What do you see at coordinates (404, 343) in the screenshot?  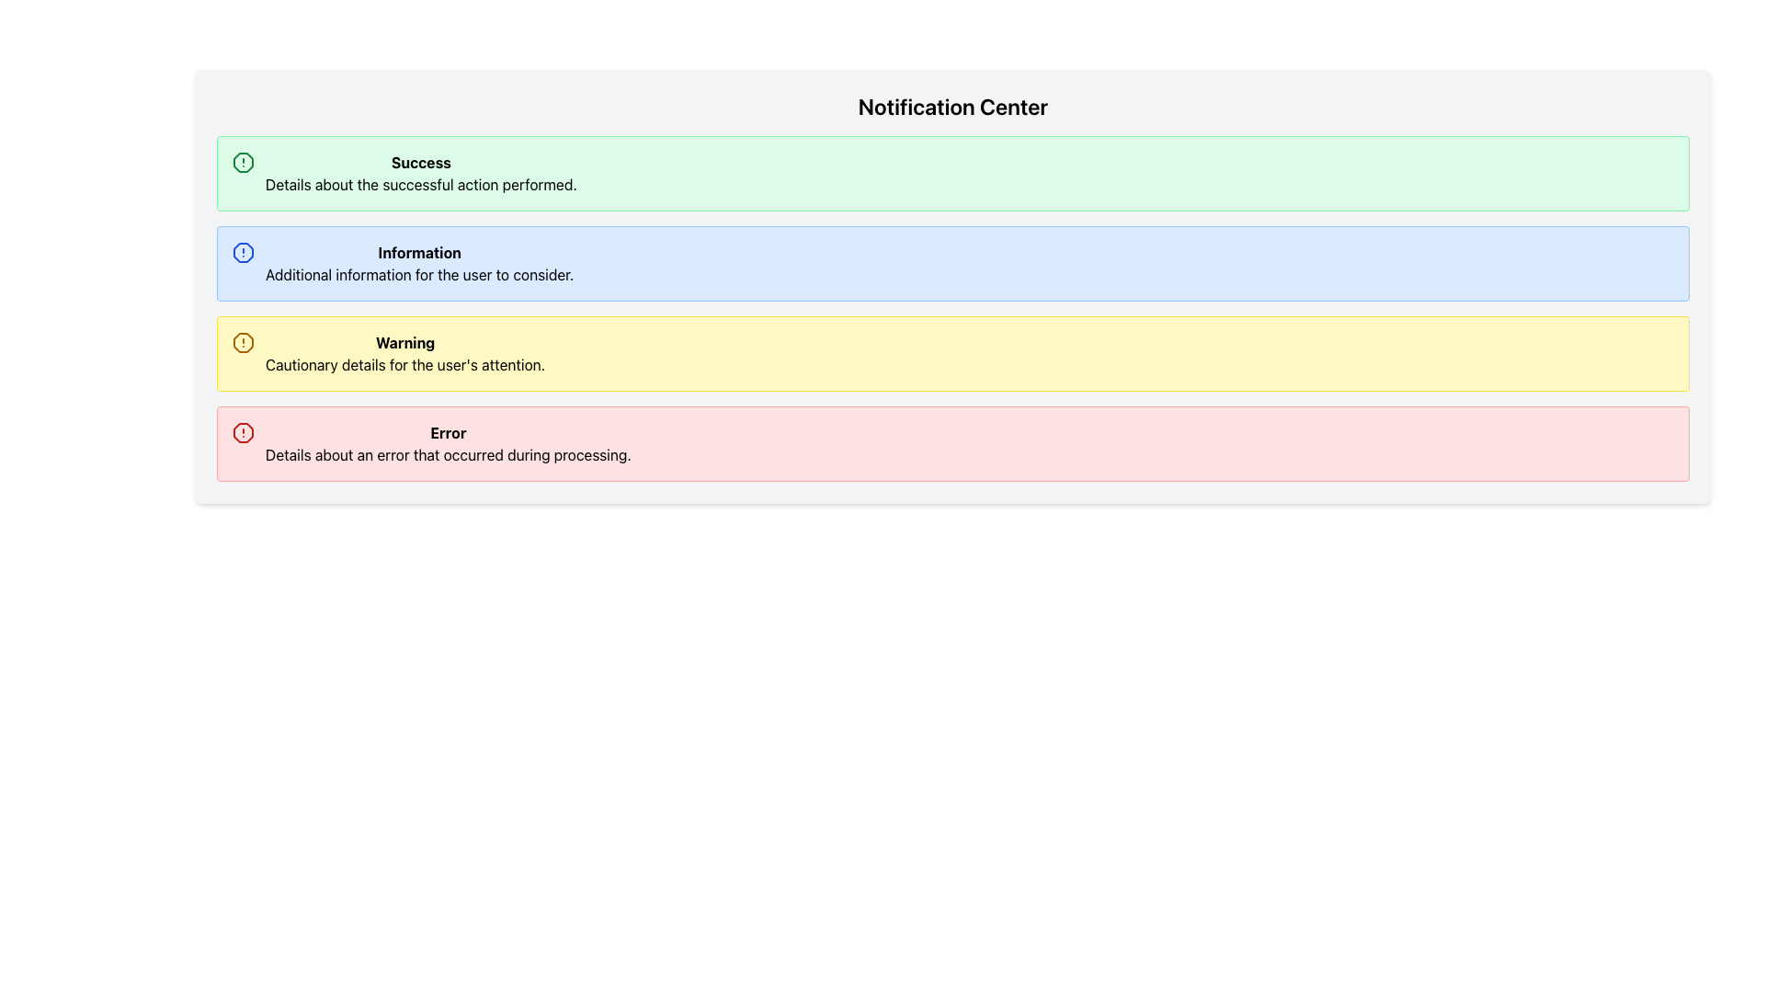 I see `Text Label that serves as the title for the warning notification, located in the third notification box labeled 'Warning'` at bounding box center [404, 343].